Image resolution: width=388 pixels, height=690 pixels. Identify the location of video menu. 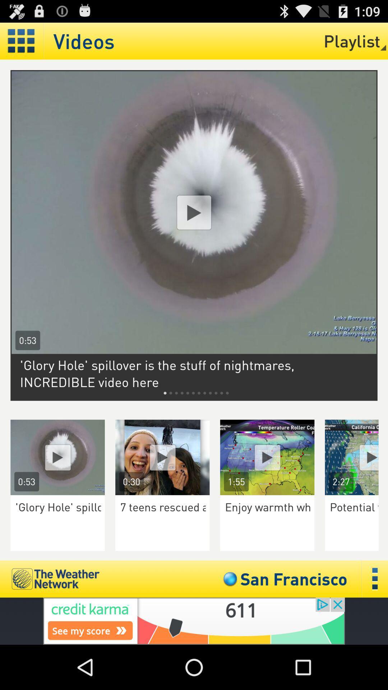
(21, 41).